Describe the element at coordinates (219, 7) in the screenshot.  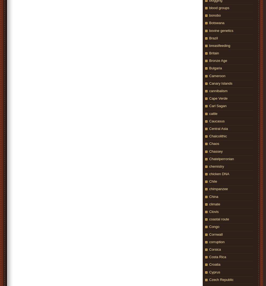
I see `'blood groups'` at that location.